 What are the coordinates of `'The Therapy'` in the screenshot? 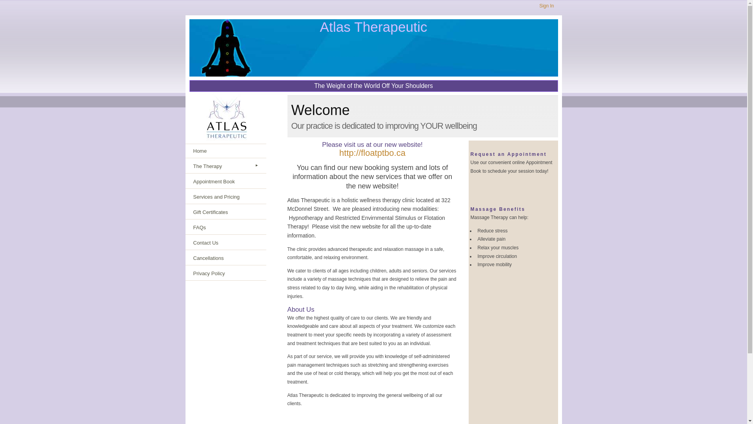 It's located at (225, 166).